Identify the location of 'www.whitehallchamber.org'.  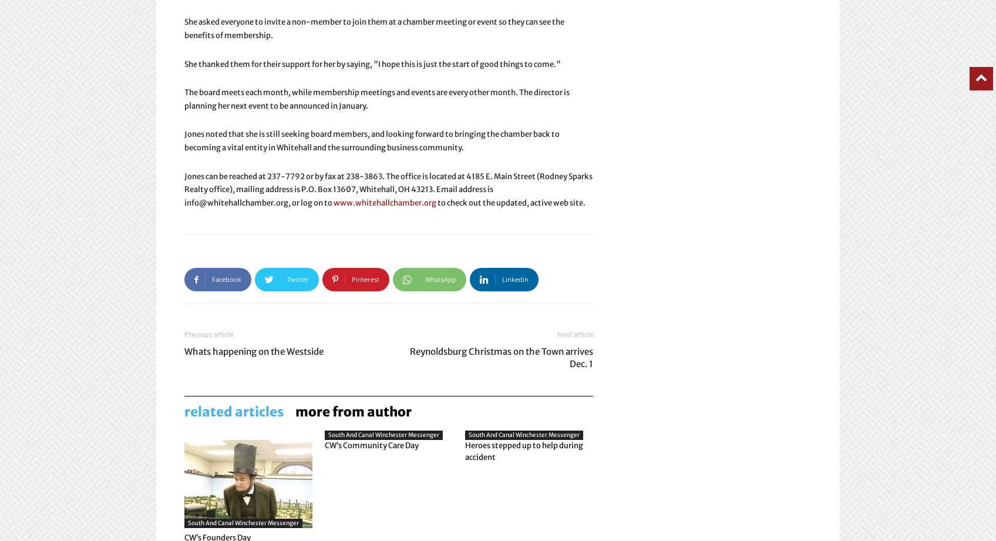
(384, 202).